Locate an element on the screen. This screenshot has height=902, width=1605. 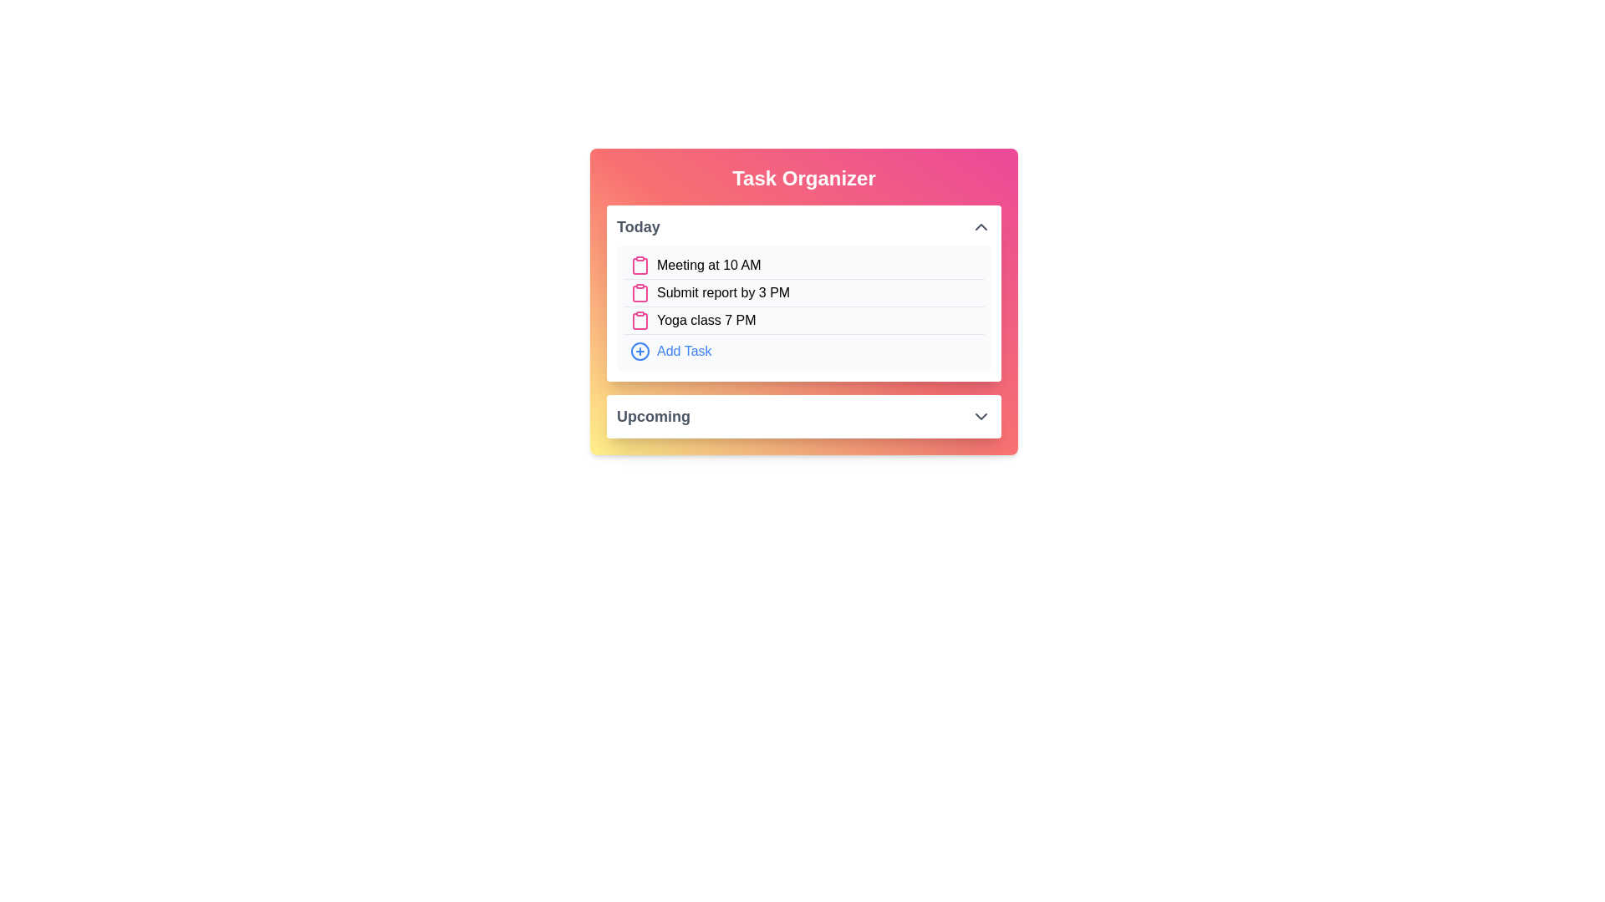
the icon for collapsing or interacting with the 'Today' section of the task organizer, which is positioned in the upper right corner adjacent to the text 'Today' is located at coordinates (981, 227).